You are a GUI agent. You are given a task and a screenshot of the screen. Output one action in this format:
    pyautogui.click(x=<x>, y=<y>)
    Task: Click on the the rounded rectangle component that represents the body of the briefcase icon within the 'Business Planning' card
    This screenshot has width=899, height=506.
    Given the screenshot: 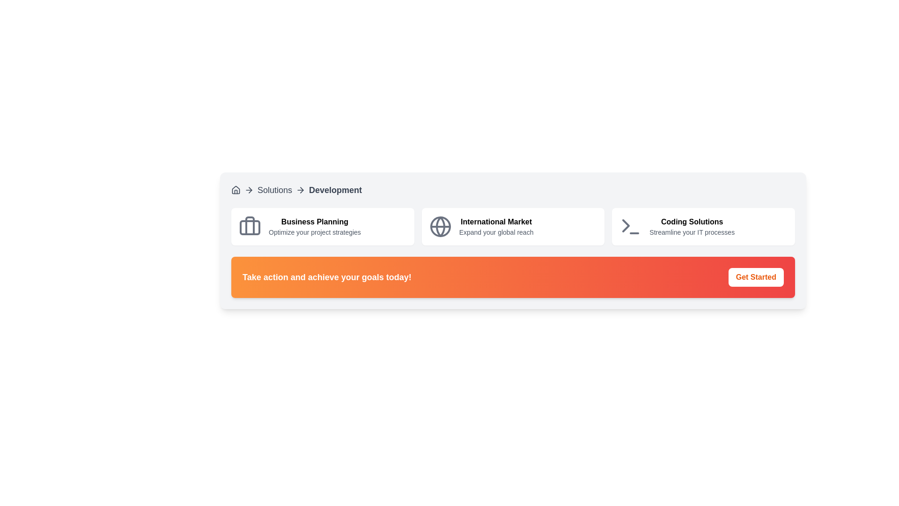 What is the action you would take?
    pyautogui.click(x=250, y=228)
    